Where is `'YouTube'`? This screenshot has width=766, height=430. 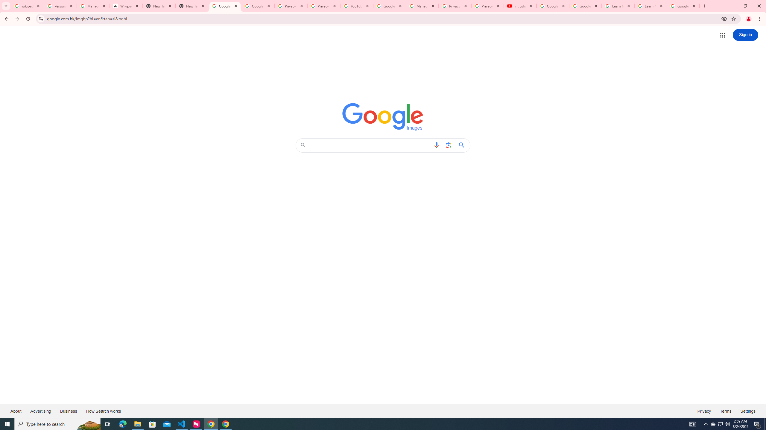
'YouTube' is located at coordinates (356, 6).